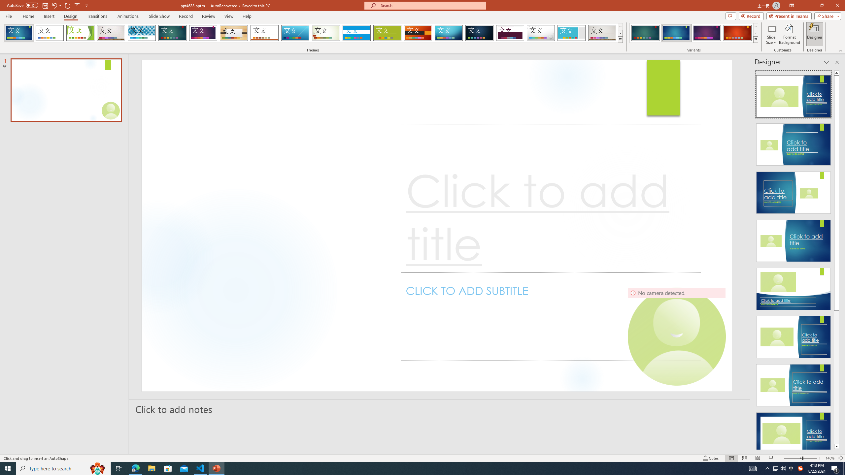  I want to click on 'Format Background', so click(790, 34).